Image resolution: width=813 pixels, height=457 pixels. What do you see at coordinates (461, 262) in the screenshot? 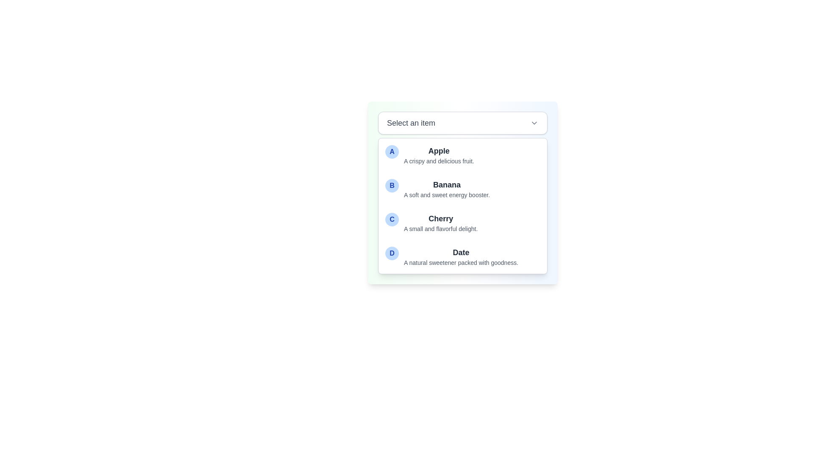
I see `text label displaying 'A natural sweetener packed with goodness.' located below the bold heading 'Date' in the dropdown interface` at bounding box center [461, 262].